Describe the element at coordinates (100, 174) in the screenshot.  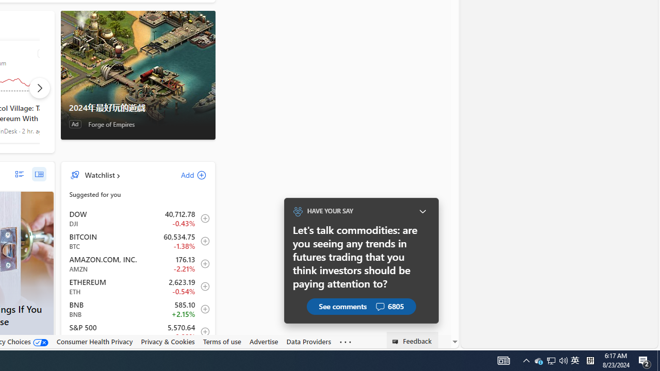
I see `'Watchlist'` at that location.